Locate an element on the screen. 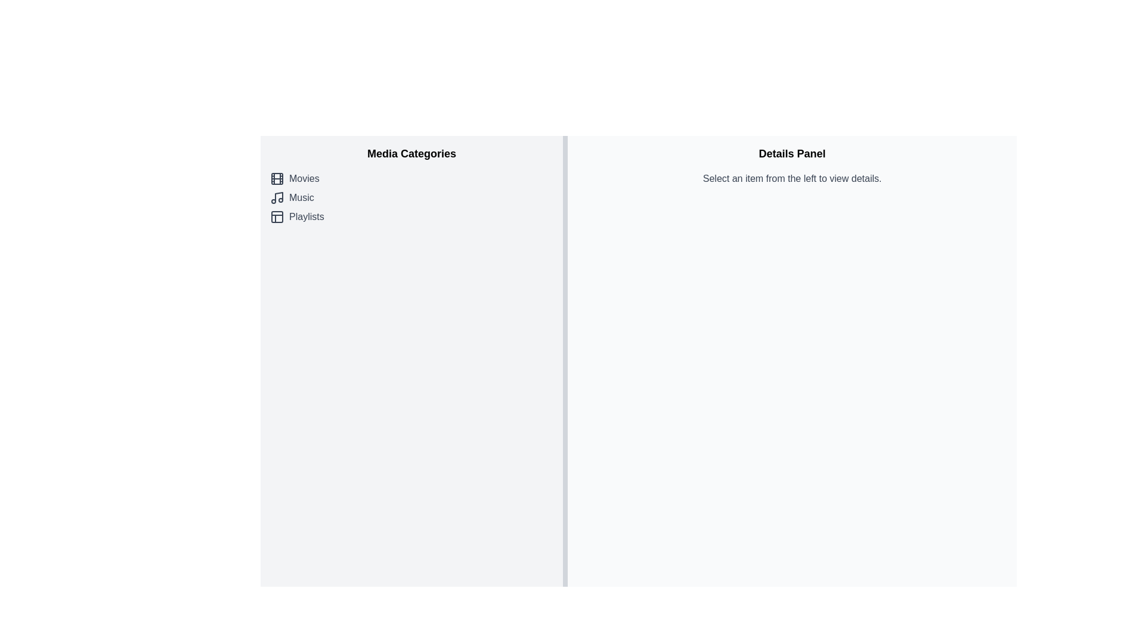  the 'Movies' category label in the media categories list, which is the first text item under the 'Media Categories' section on the left-hand panel is located at coordinates (304, 179).